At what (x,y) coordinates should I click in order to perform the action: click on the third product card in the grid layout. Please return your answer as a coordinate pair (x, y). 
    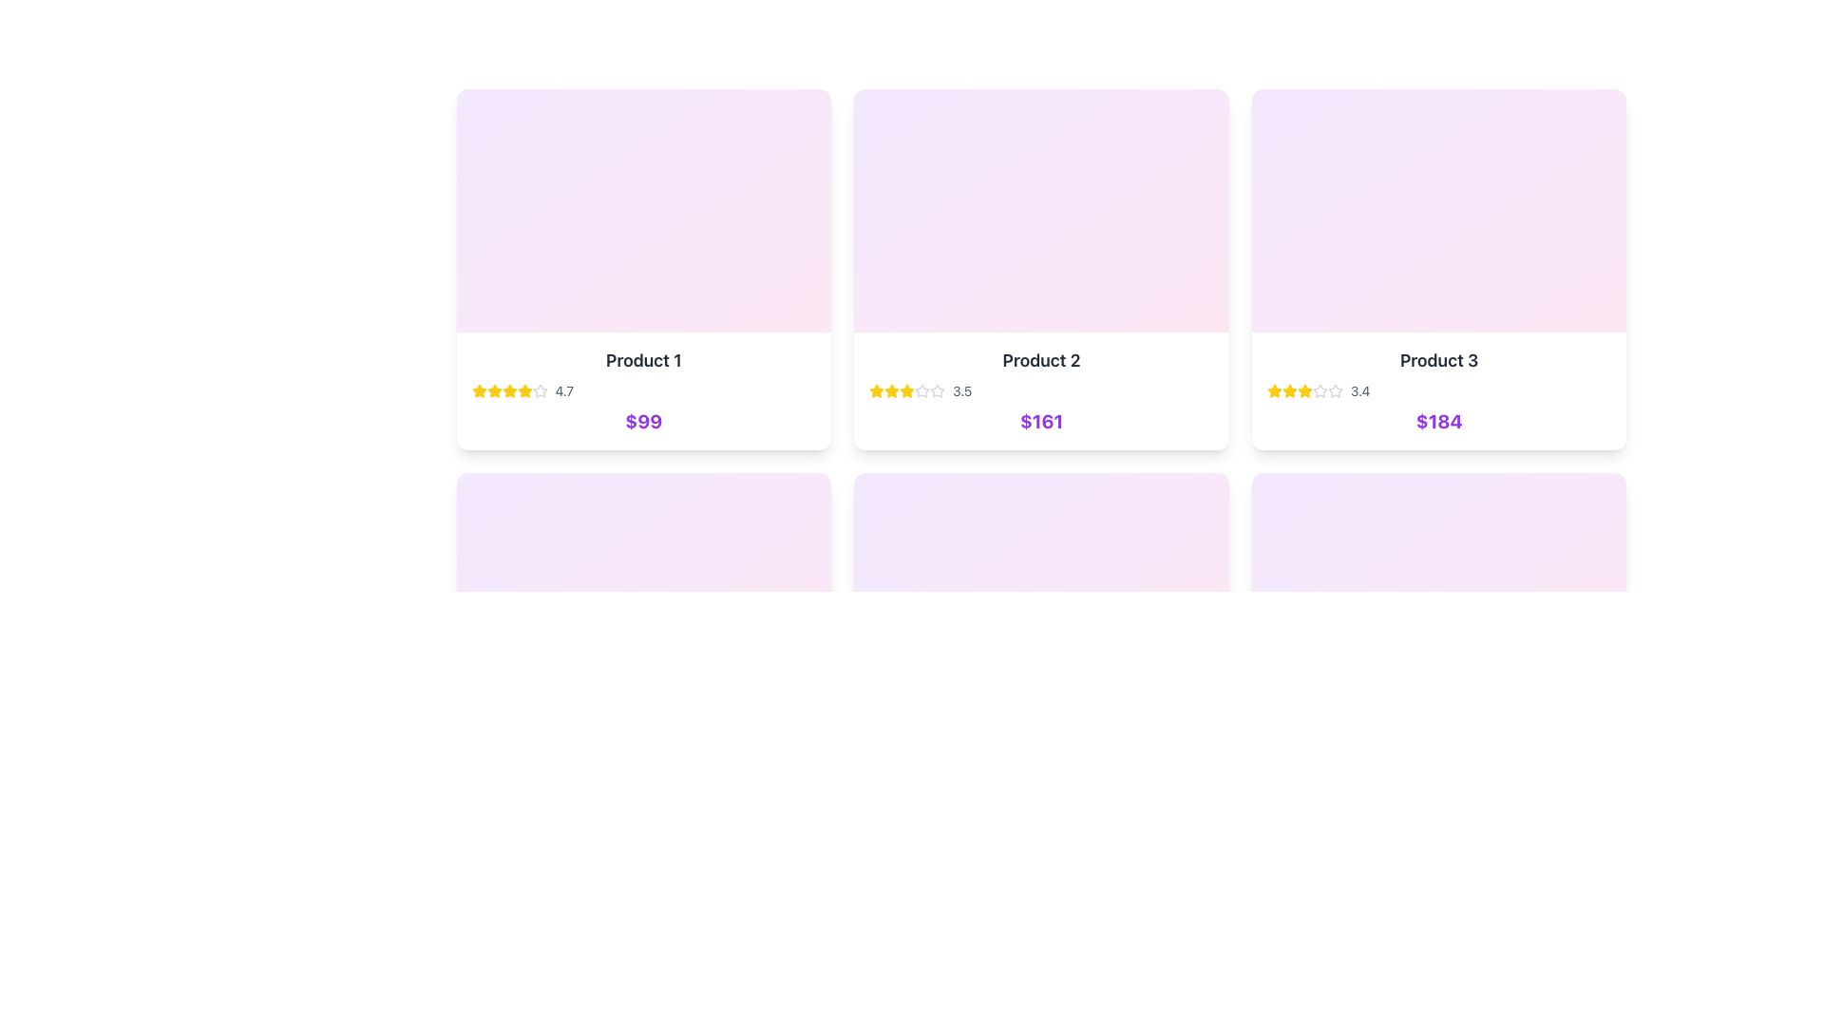
    Looking at the image, I should click on (1439, 270).